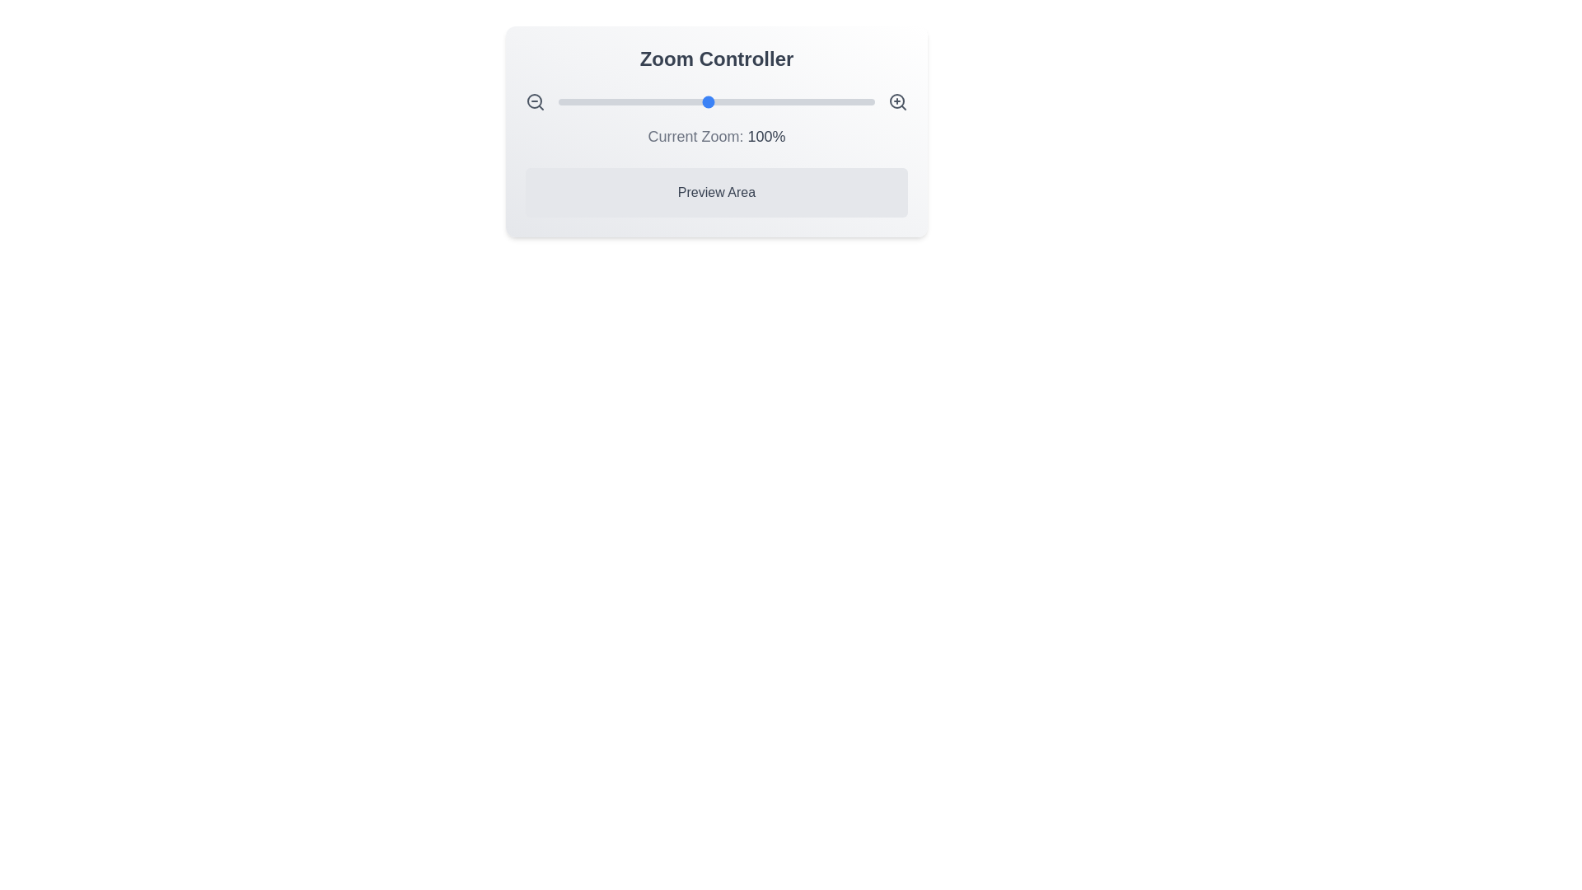 This screenshot has width=1582, height=890. What do you see at coordinates (695, 101) in the screenshot?
I see `the zoom slider to set the zoom level to 92` at bounding box center [695, 101].